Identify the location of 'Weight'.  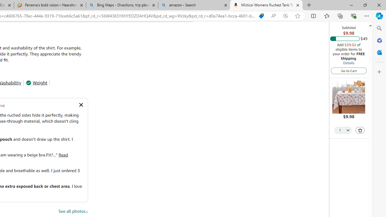
(36, 83).